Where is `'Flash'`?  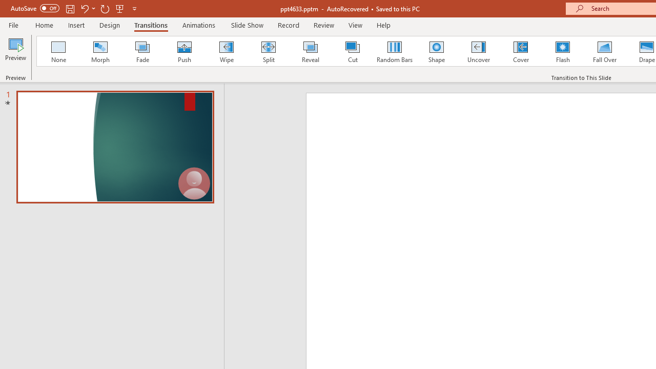
'Flash' is located at coordinates (562, 51).